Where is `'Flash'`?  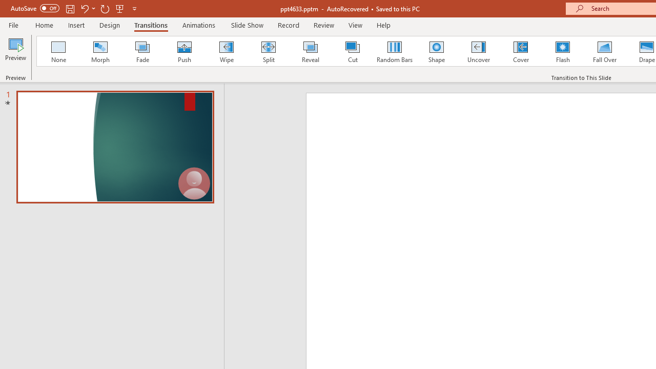
'Flash' is located at coordinates (562, 51).